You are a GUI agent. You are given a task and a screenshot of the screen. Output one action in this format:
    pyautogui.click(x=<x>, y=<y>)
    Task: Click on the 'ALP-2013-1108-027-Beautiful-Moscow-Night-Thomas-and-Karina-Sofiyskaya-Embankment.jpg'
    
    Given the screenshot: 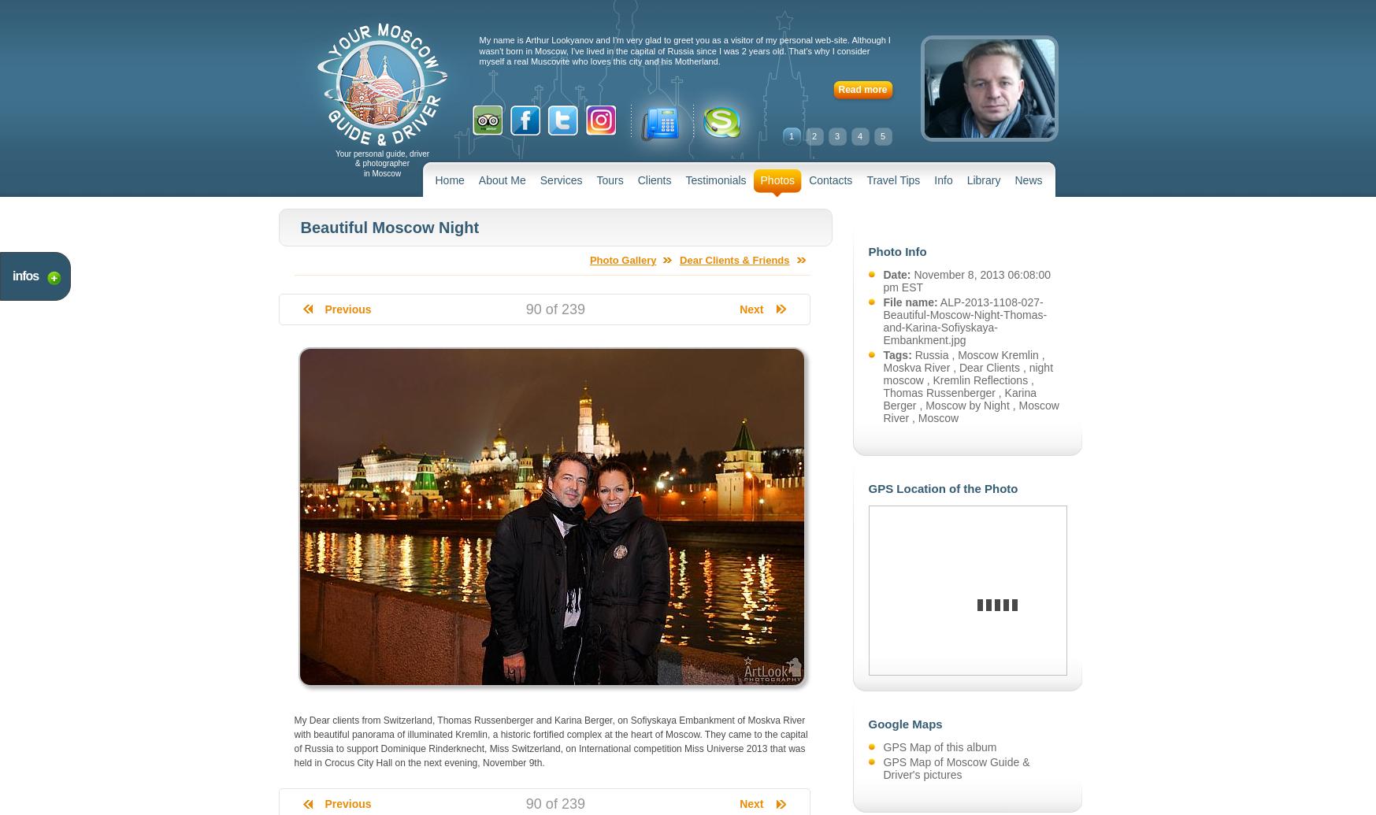 What is the action you would take?
    pyautogui.click(x=964, y=320)
    